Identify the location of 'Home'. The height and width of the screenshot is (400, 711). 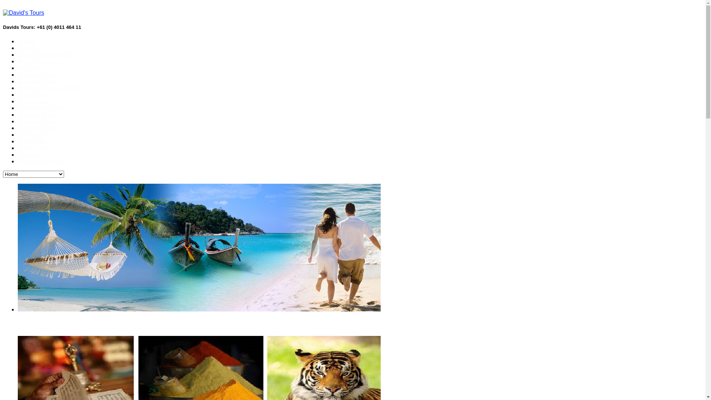
(26, 41).